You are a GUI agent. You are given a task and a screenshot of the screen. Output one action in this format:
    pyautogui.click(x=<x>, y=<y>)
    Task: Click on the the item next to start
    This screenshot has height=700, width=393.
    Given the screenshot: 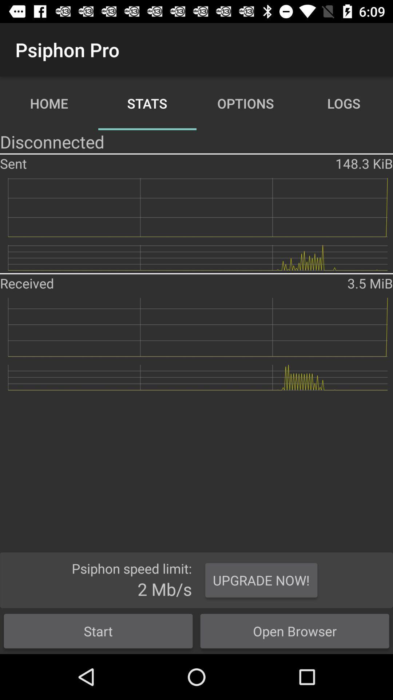 What is the action you would take?
    pyautogui.click(x=295, y=631)
    